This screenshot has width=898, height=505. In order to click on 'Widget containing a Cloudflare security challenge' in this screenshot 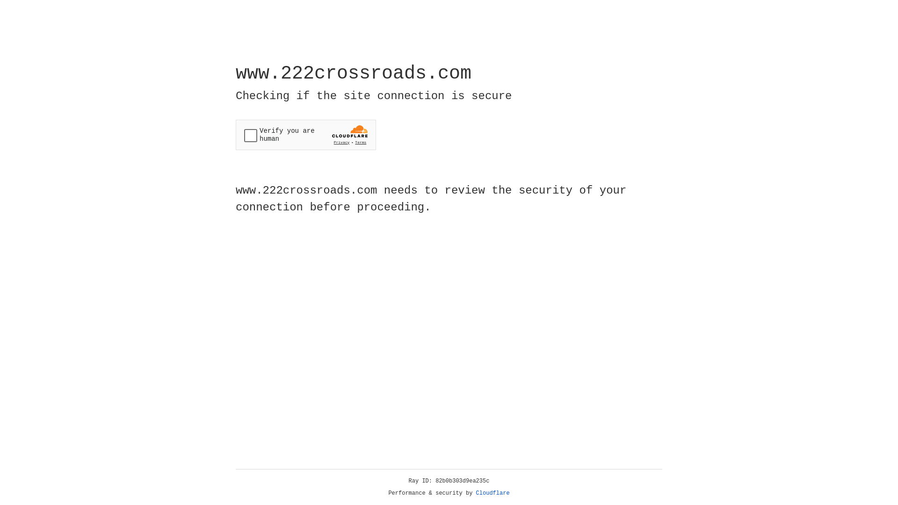, I will do `click(305, 135)`.